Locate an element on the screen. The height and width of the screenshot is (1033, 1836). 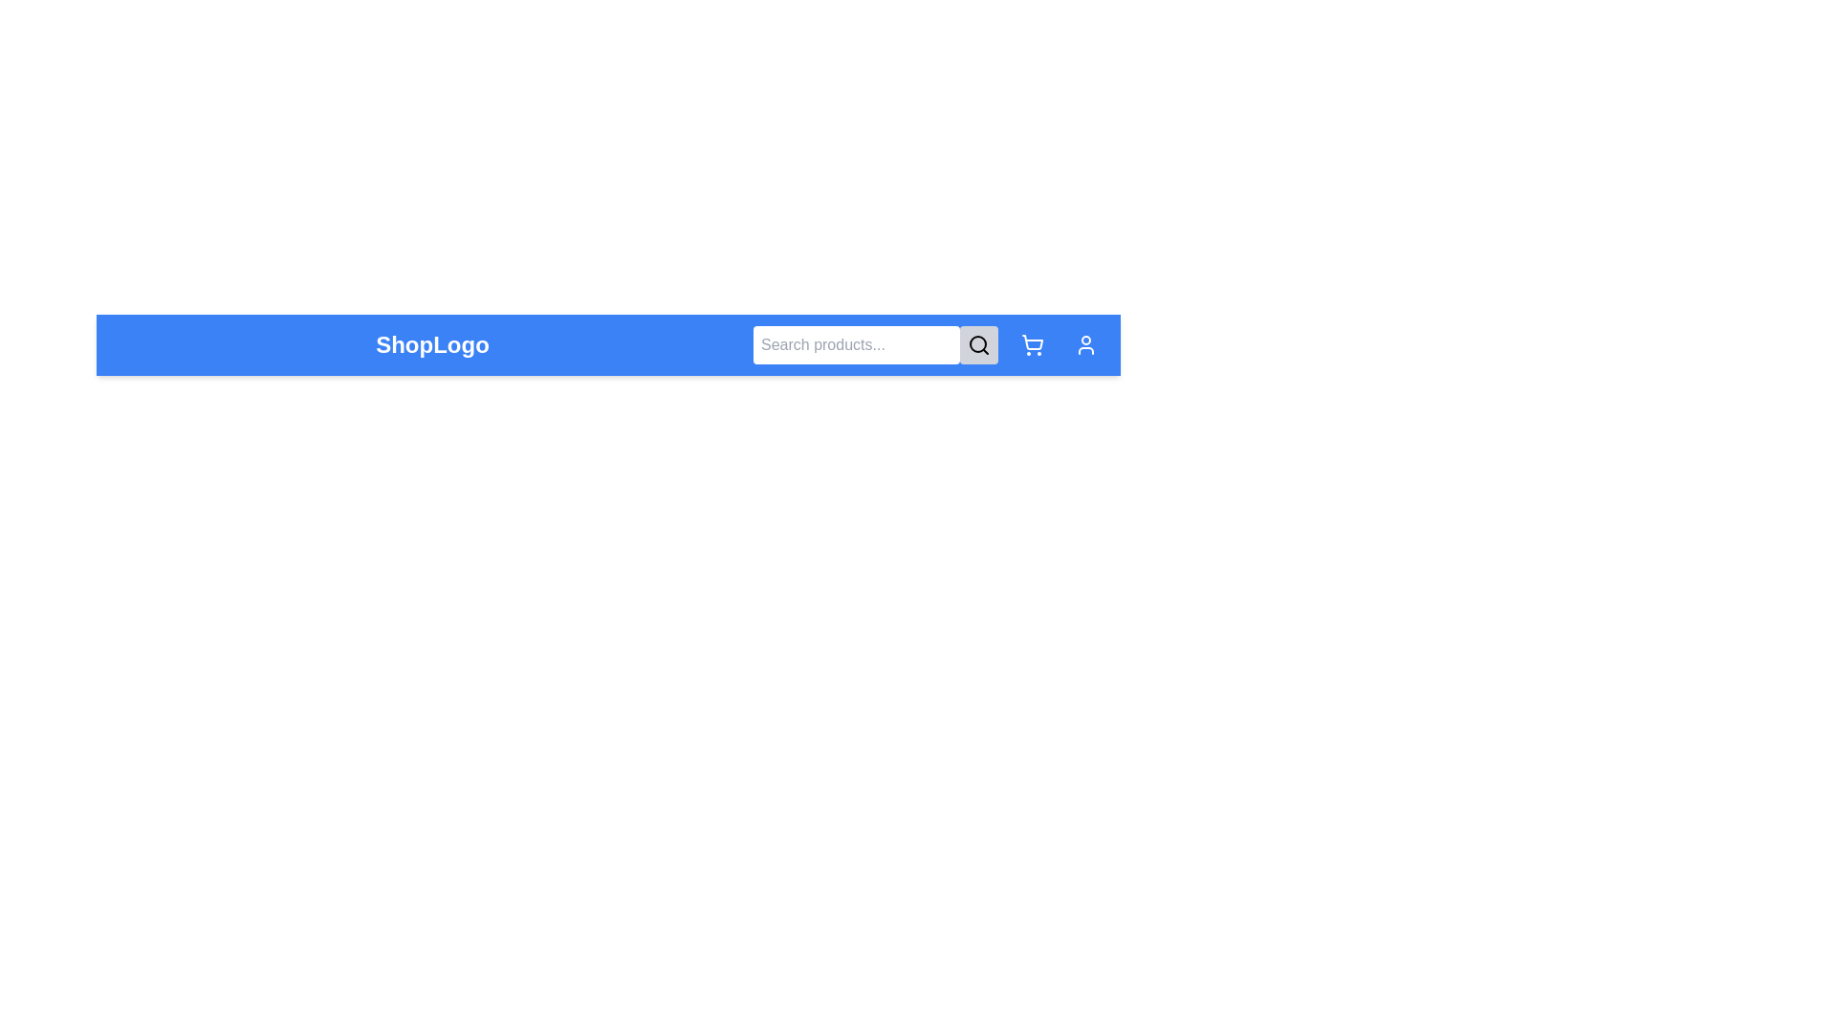
the shopping cart icon is located at coordinates (1032, 345).